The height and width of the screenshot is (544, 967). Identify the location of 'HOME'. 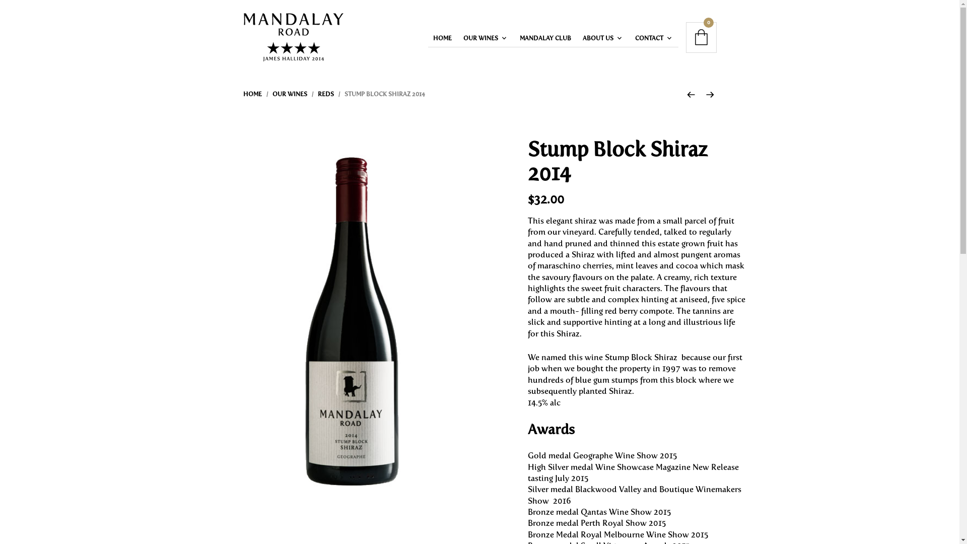
(442, 38).